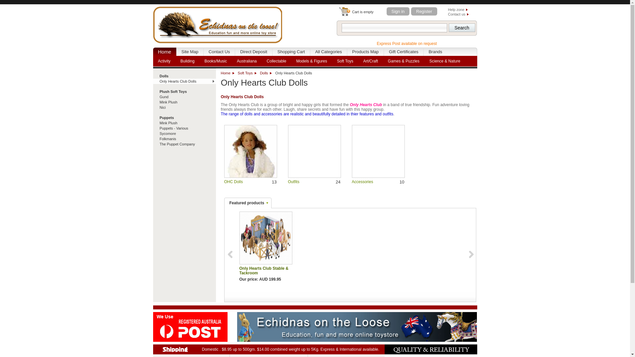  I want to click on 'Only Hearts Club Stable & Tackroom', so click(239, 238).